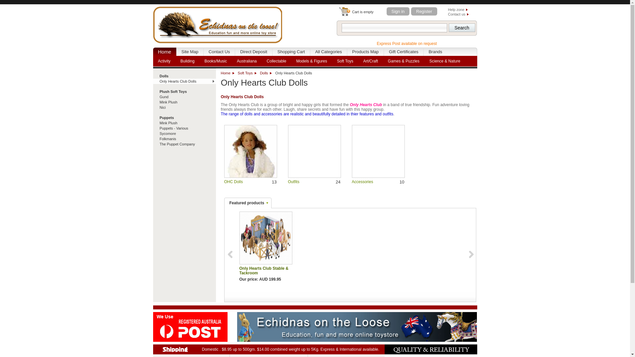  I want to click on 'Only Hearts Club Stable & Tackroom', so click(239, 238).